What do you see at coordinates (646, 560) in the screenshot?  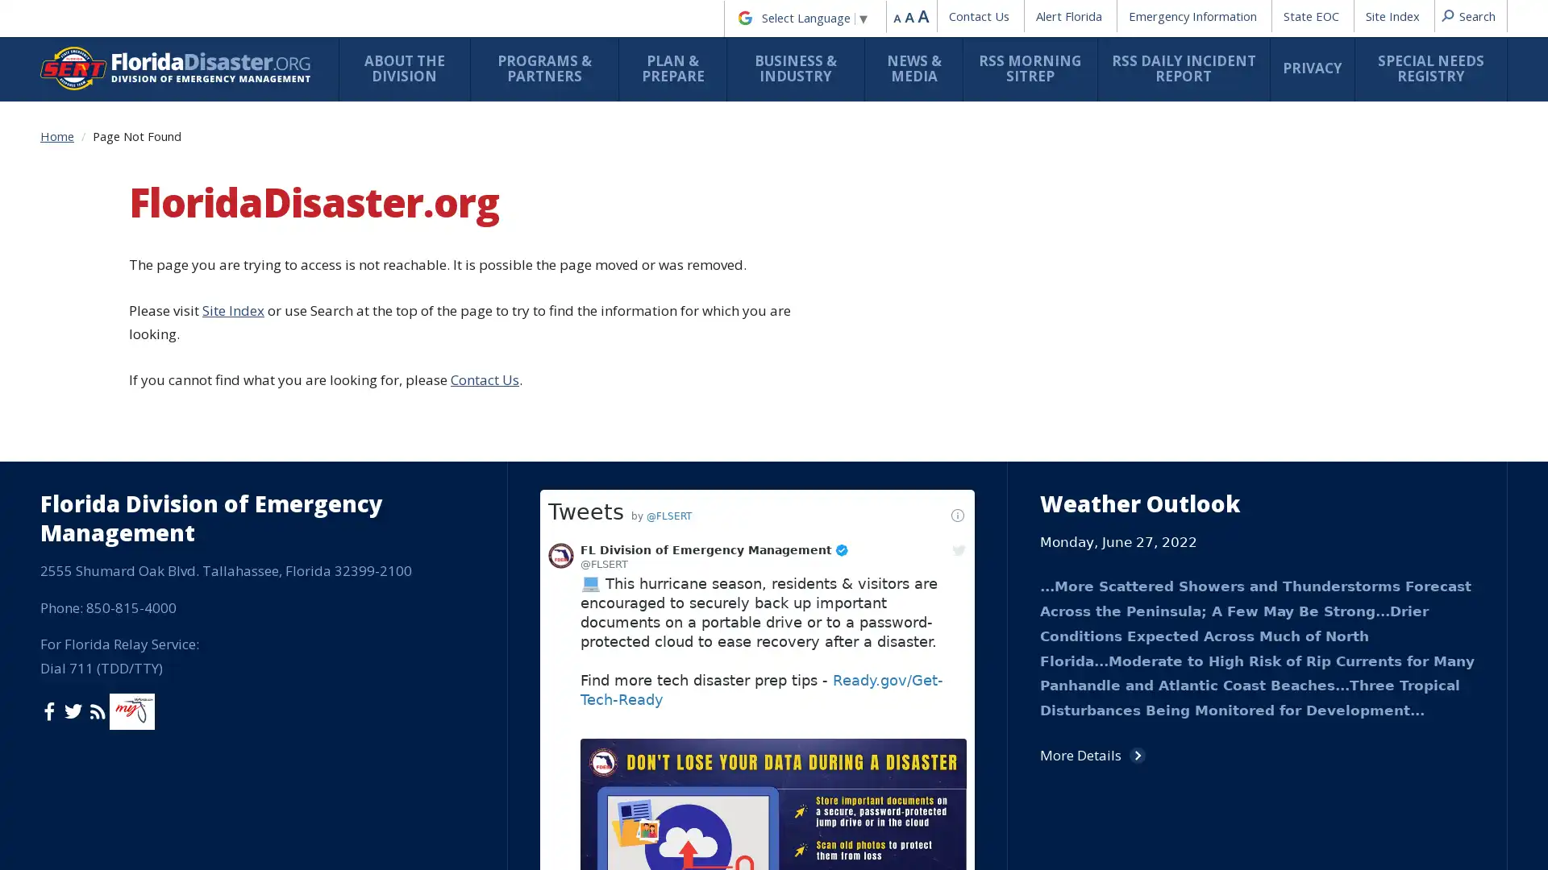 I see `Toggle More` at bounding box center [646, 560].